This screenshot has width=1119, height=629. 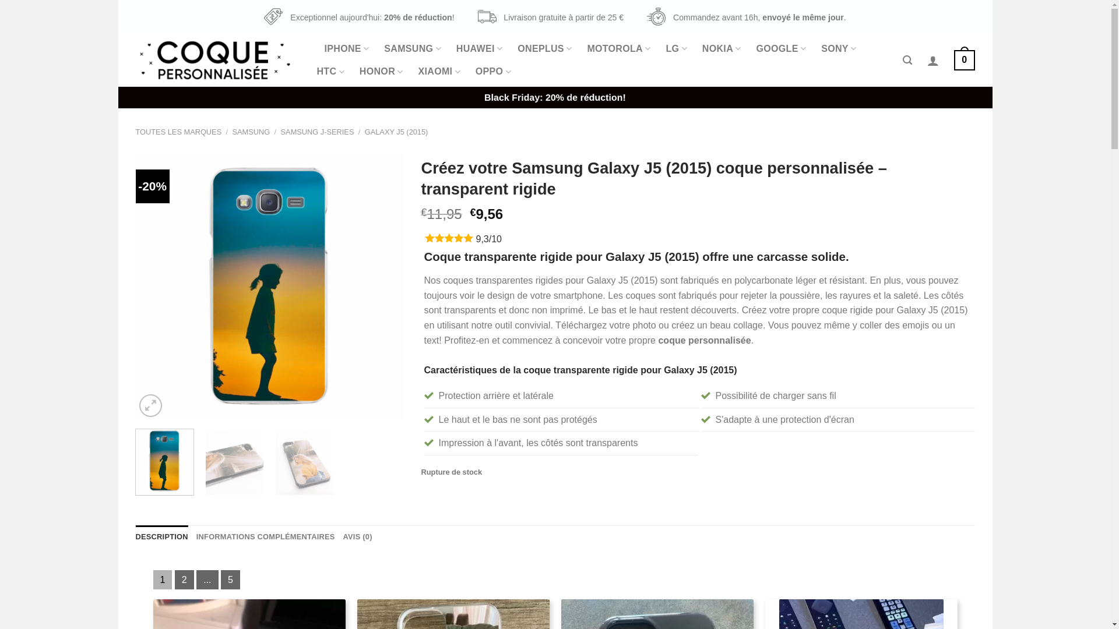 What do you see at coordinates (476, 72) in the screenshot?
I see `'OPPO'` at bounding box center [476, 72].